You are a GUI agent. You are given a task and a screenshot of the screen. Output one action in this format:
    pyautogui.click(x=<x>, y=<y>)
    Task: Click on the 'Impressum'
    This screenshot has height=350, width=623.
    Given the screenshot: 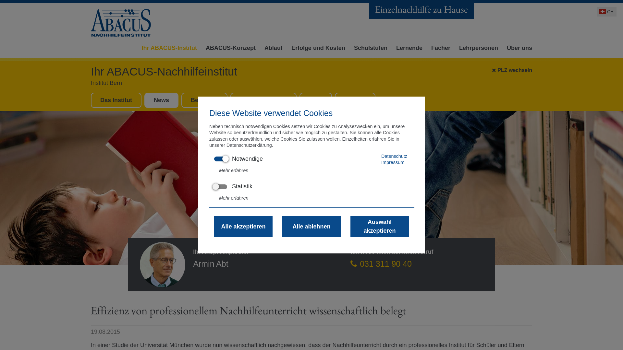 What is the action you would take?
    pyautogui.click(x=381, y=162)
    